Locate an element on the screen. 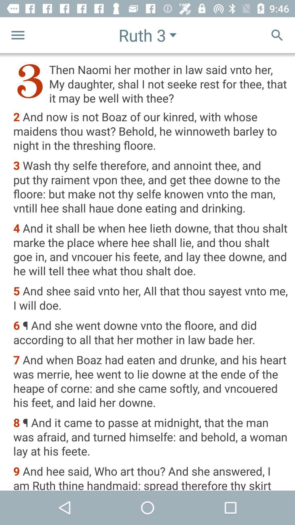 The image size is (295, 525). 3 wash thy is located at coordinates (151, 187).